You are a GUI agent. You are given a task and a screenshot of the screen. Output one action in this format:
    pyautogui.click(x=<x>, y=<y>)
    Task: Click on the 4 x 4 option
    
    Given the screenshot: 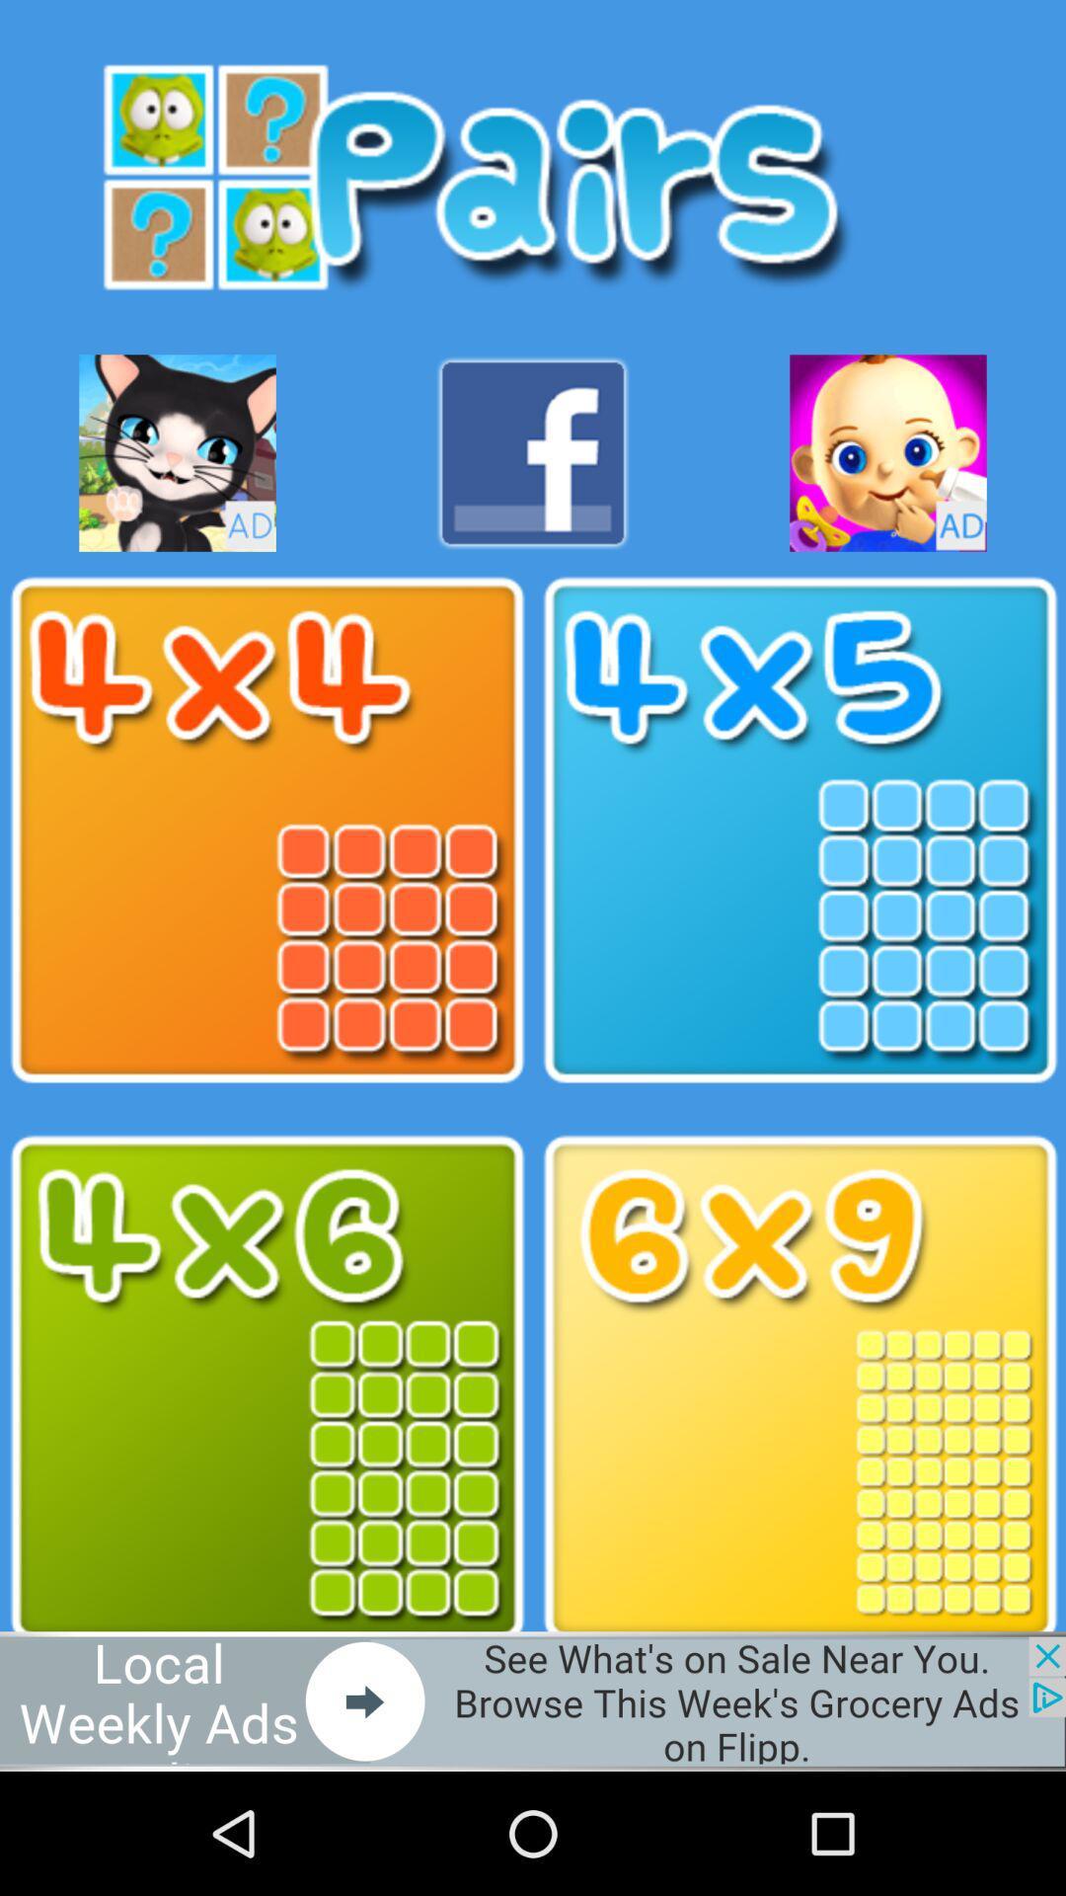 What is the action you would take?
    pyautogui.click(x=266, y=830)
    